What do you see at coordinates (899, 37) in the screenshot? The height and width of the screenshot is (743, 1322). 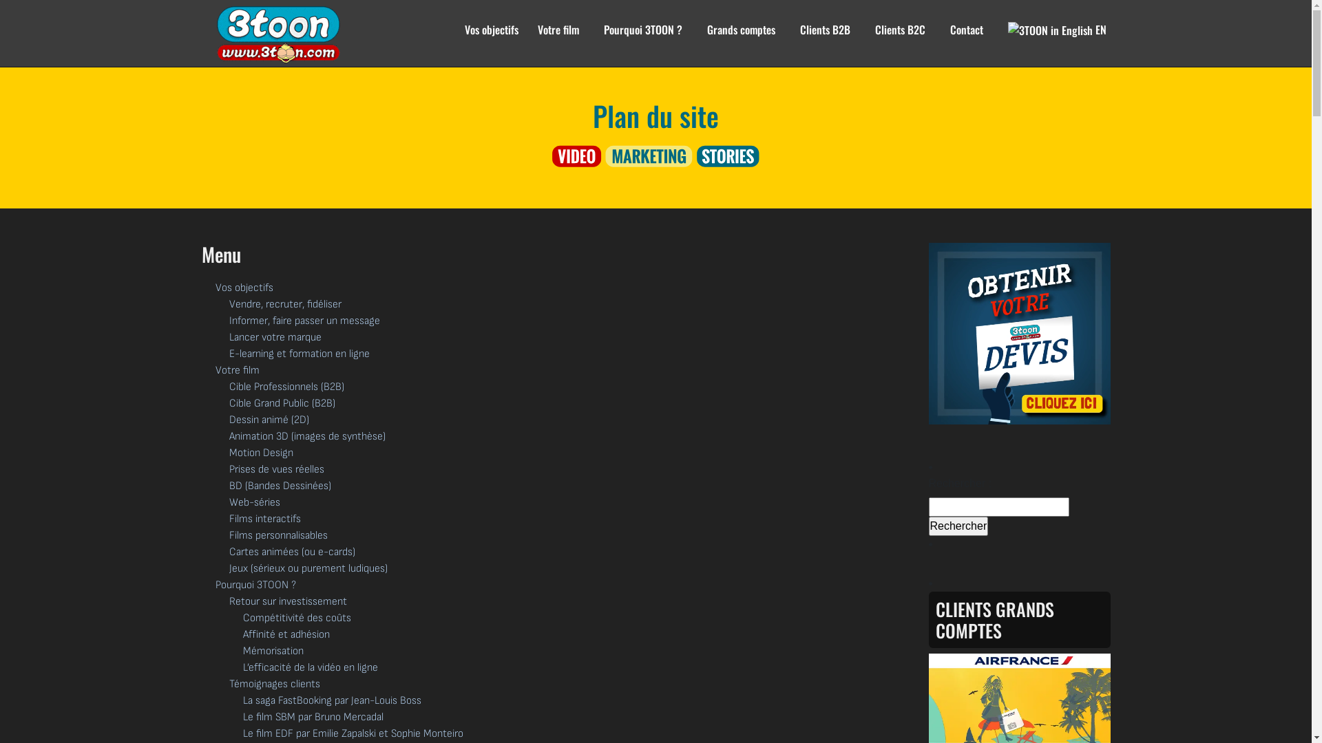 I see `'Clients B2C'` at bounding box center [899, 37].